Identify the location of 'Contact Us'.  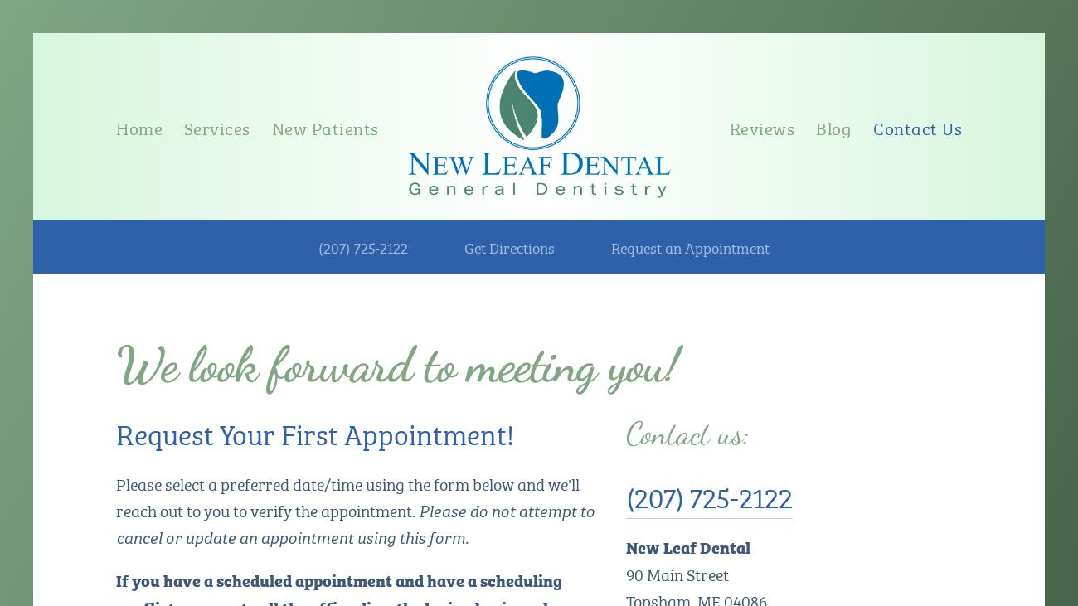
(916, 126).